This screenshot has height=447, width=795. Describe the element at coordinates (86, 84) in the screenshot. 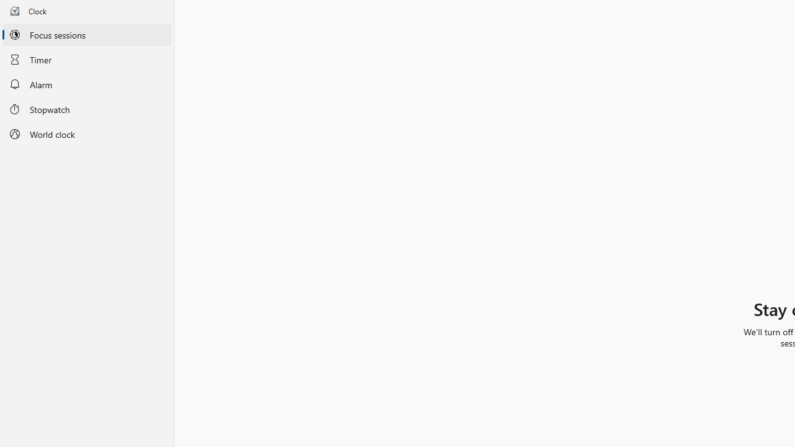

I see `'Alarm'` at that location.